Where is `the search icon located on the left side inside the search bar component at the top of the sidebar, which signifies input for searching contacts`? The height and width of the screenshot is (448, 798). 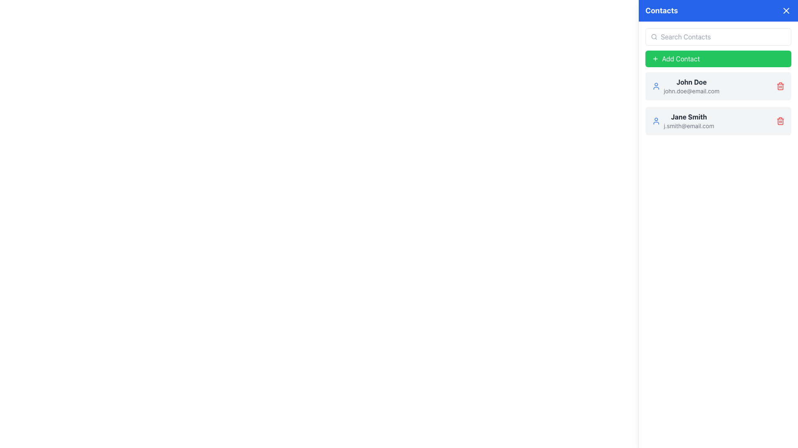
the search icon located on the left side inside the search bar component at the top of the sidebar, which signifies input for searching contacts is located at coordinates (654, 36).